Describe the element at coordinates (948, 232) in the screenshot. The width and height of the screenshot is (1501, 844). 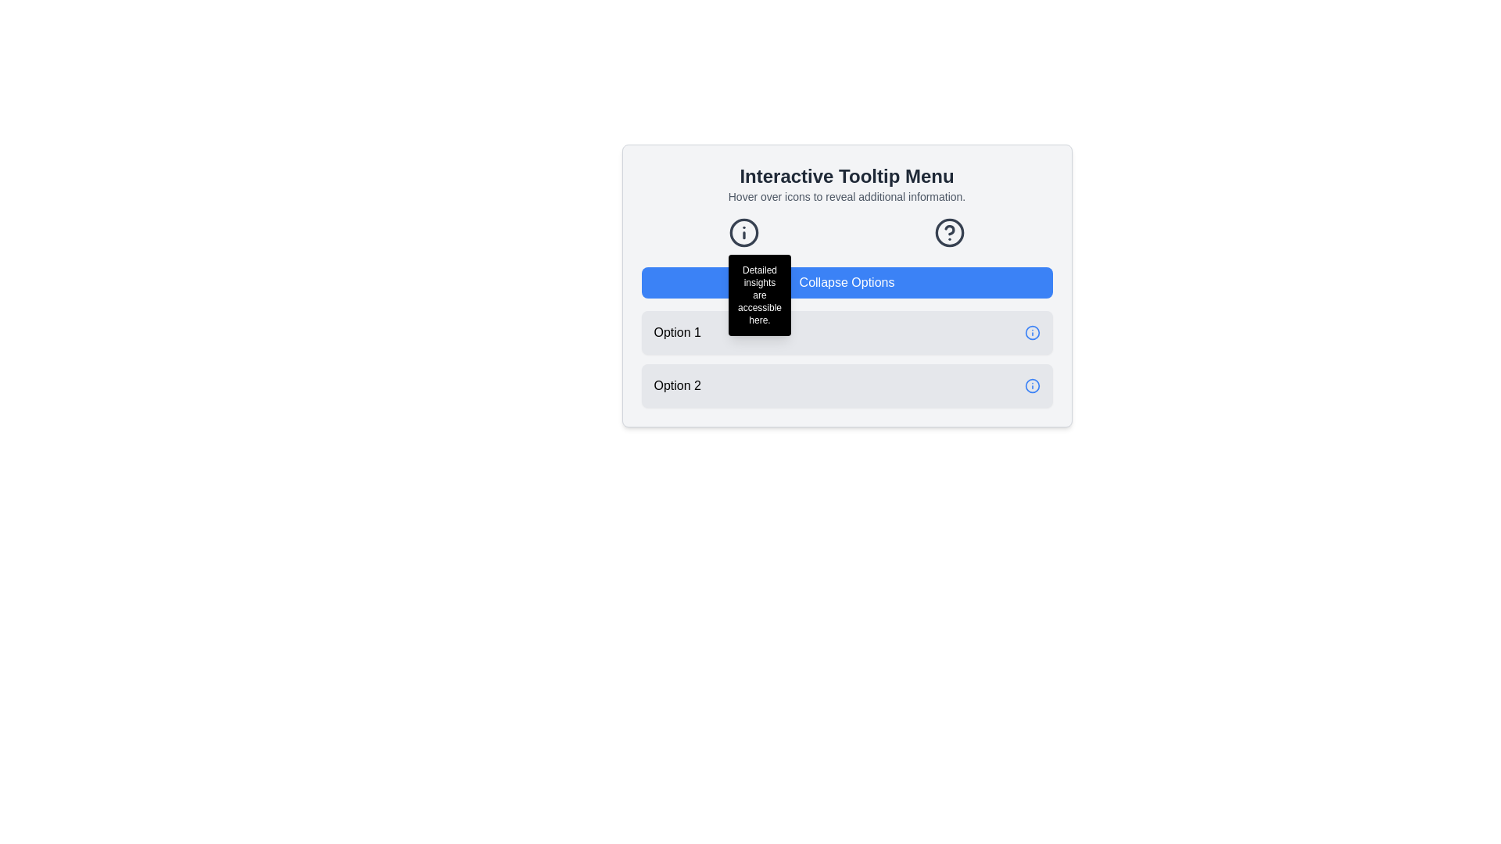
I see `the circular icon with a dark gray color that is part of the interactive tooltip menu, located to the right of the question mark icon in the title section` at that location.